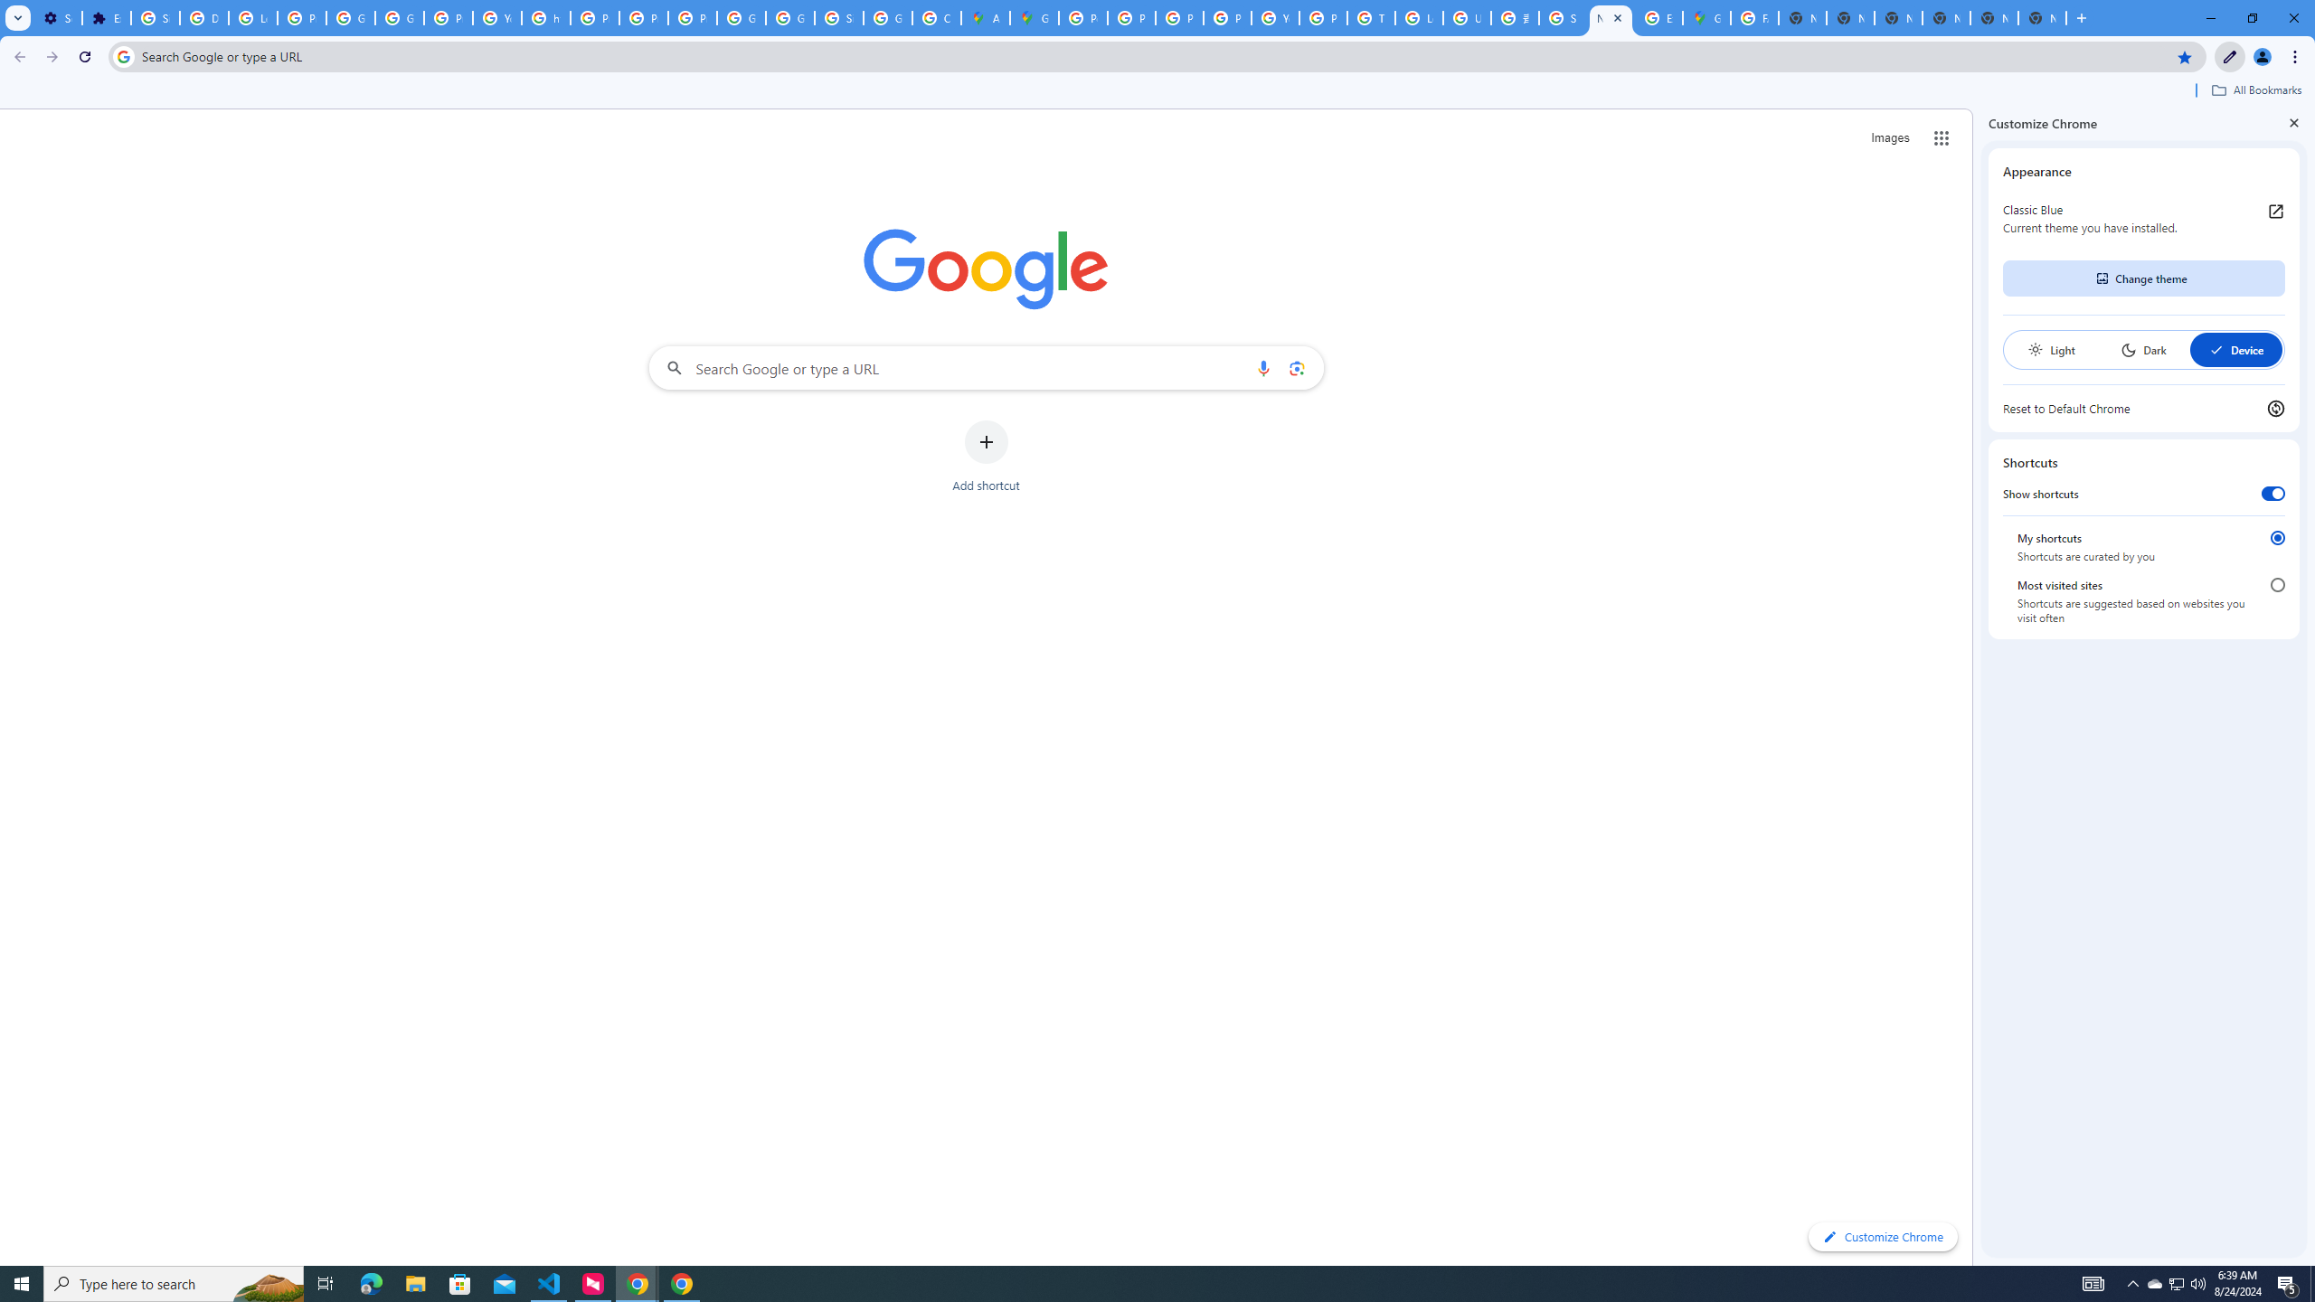 The image size is (2315, 1302). What do you see at coordinates (2142, 349) in the screenshot?
I see `'Dark'` at bounding box center [2142, 349].